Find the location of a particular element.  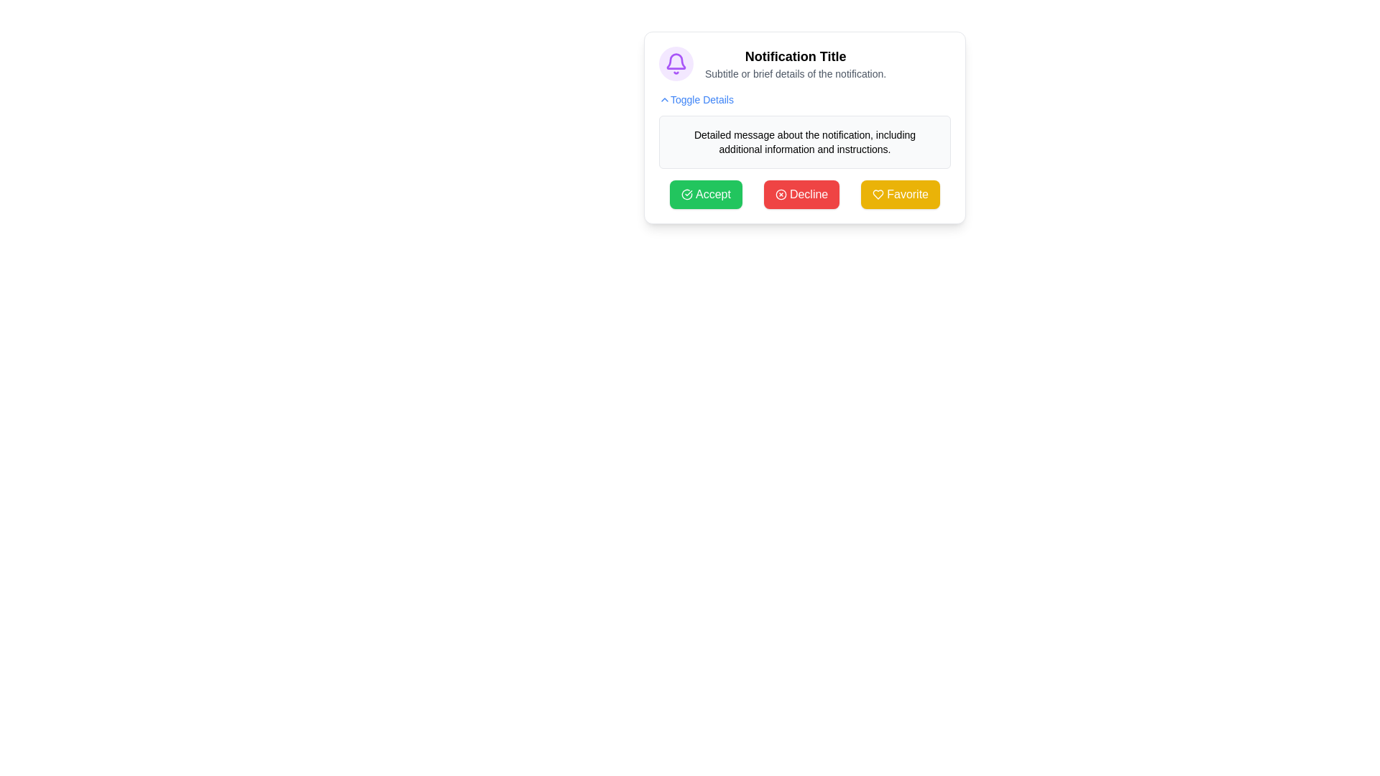

the 'Decline' button, which has a rounded rectangle shape with a red background and white text, to change its shade is located at coordinates (801, 194).